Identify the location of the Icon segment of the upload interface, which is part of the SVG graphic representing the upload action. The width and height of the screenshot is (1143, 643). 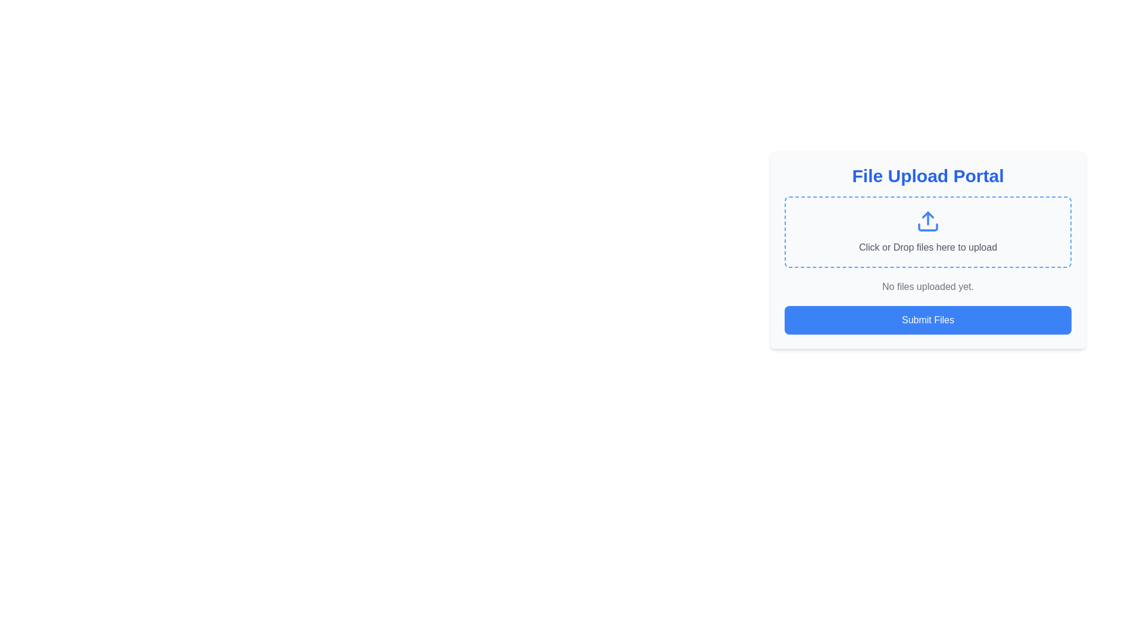
(927, 227).